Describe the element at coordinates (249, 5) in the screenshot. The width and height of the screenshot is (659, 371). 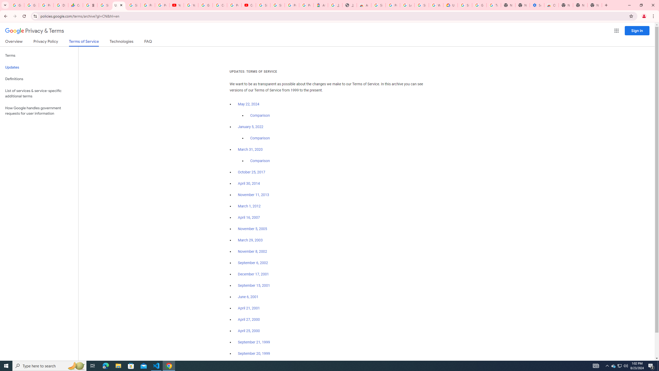
I see `'Content Creator Programs & Opportunities - YouTube Creators'` at that location.